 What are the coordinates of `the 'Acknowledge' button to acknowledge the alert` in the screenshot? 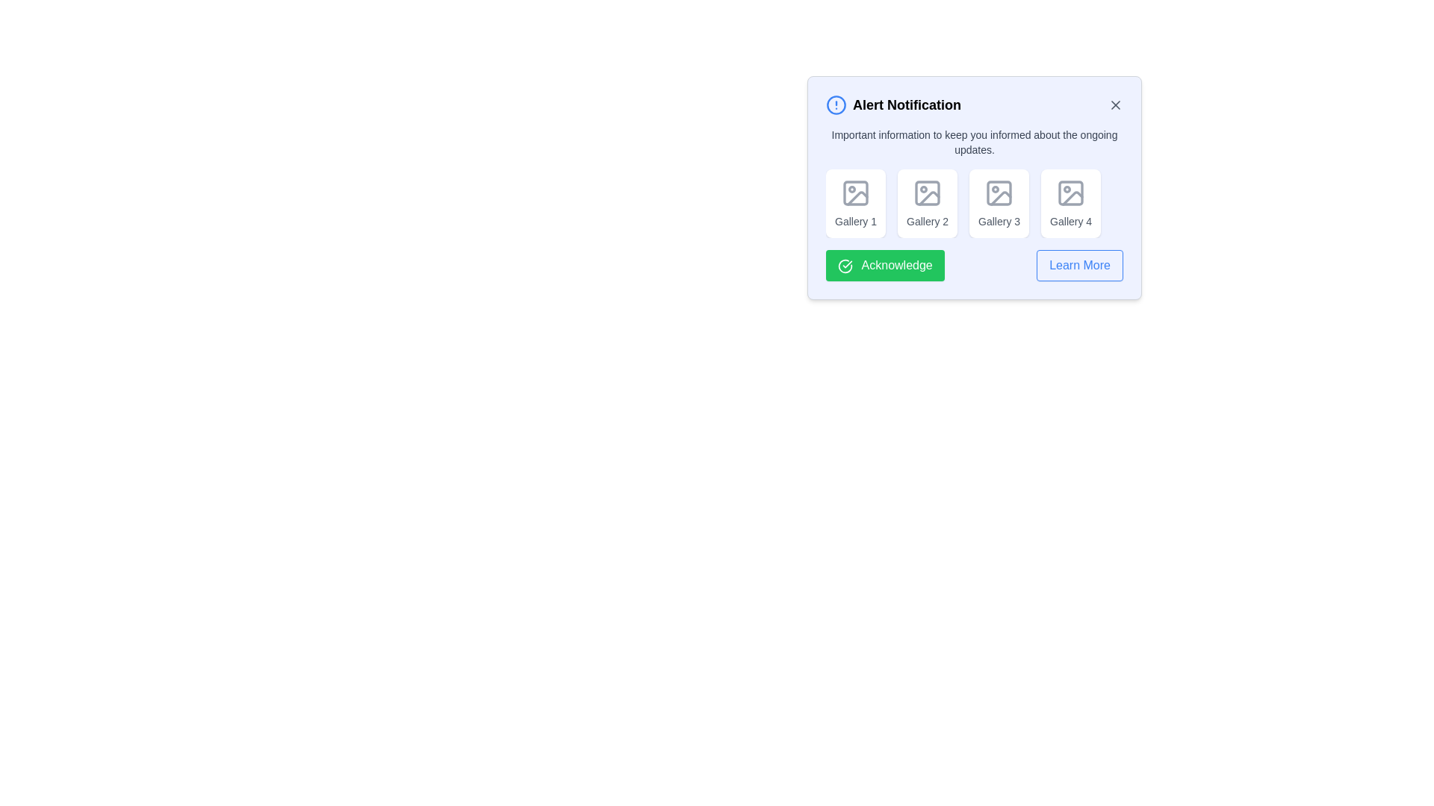 It's located at (885, 264).